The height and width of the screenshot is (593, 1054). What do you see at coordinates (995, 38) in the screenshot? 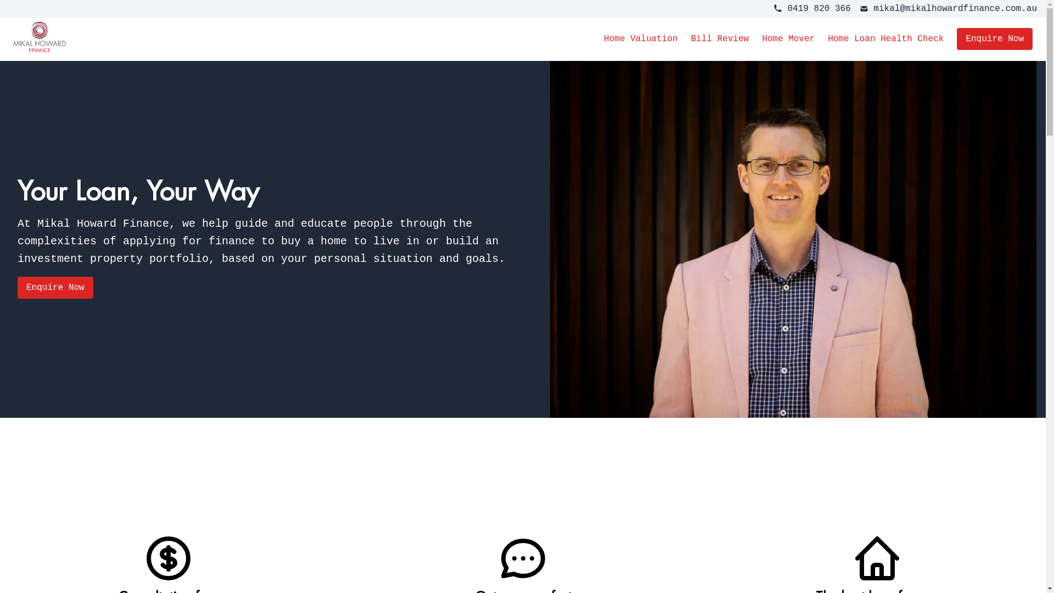
I see `'Enquire Now'` at bounding box center [995, 38].